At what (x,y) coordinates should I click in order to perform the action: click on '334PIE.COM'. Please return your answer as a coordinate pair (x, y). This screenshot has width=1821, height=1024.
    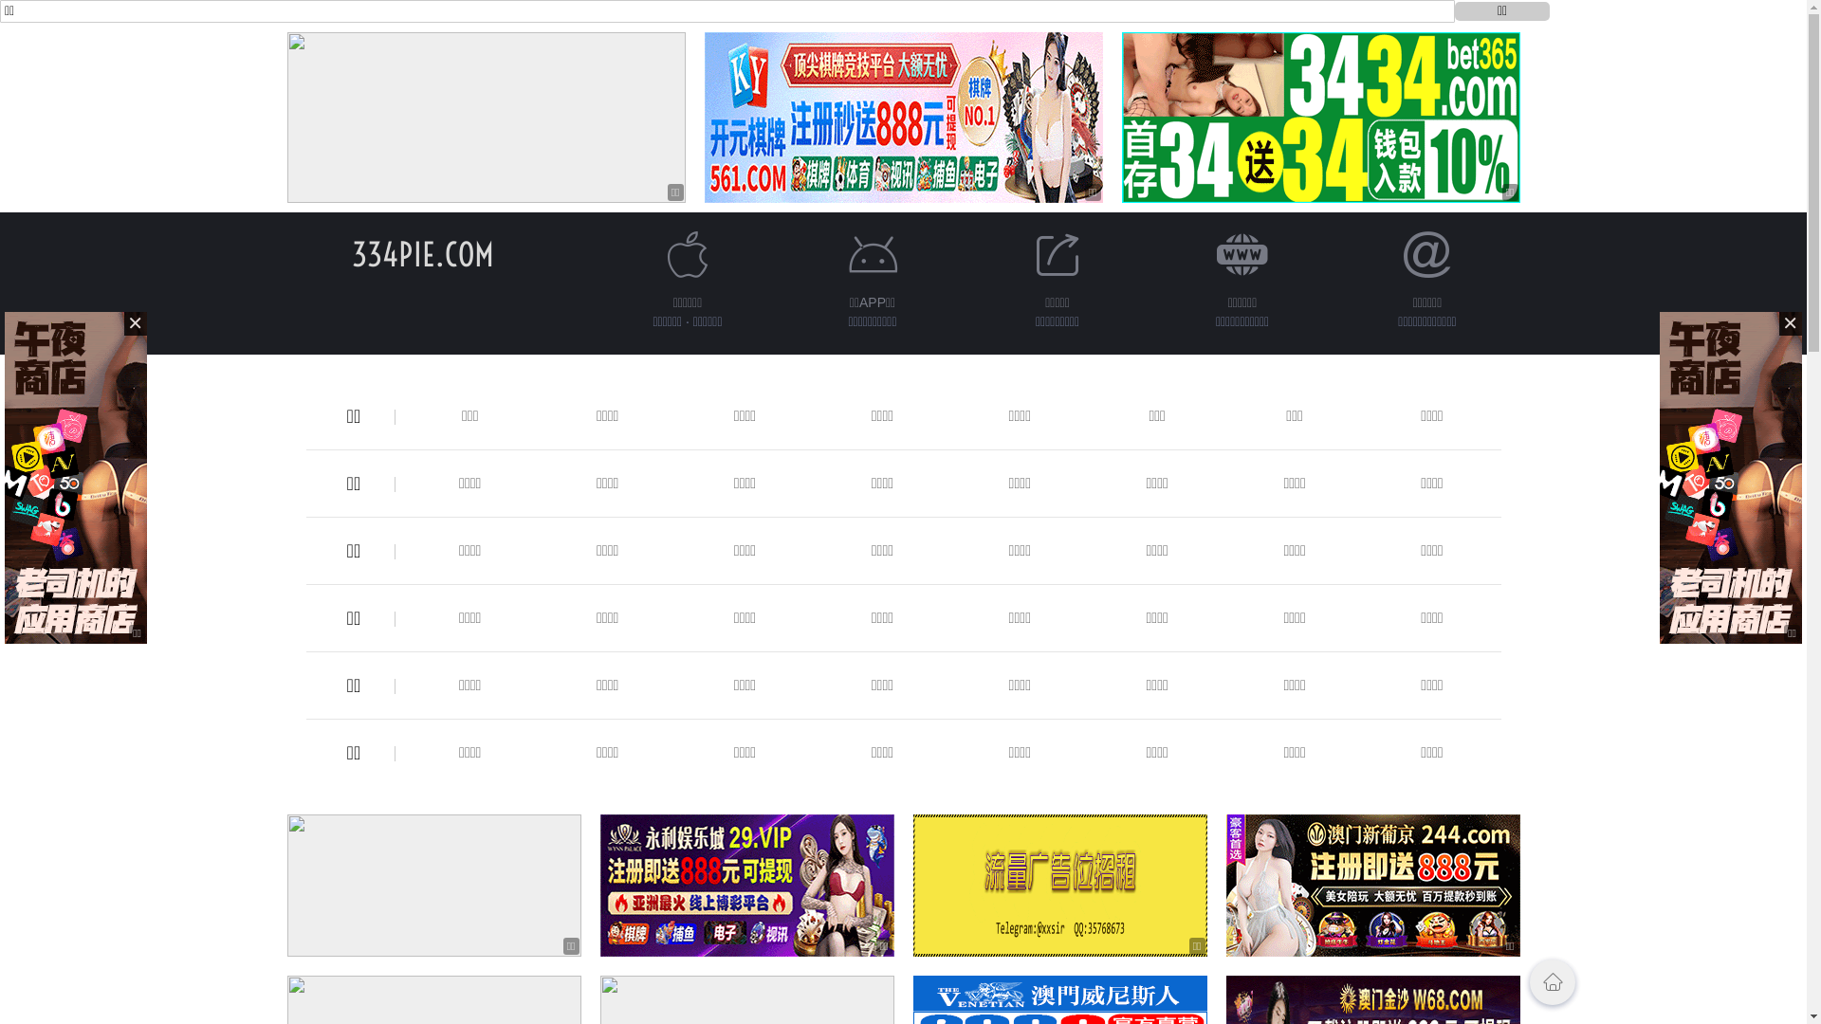
    Looking at the image, I should click on (350, 253).